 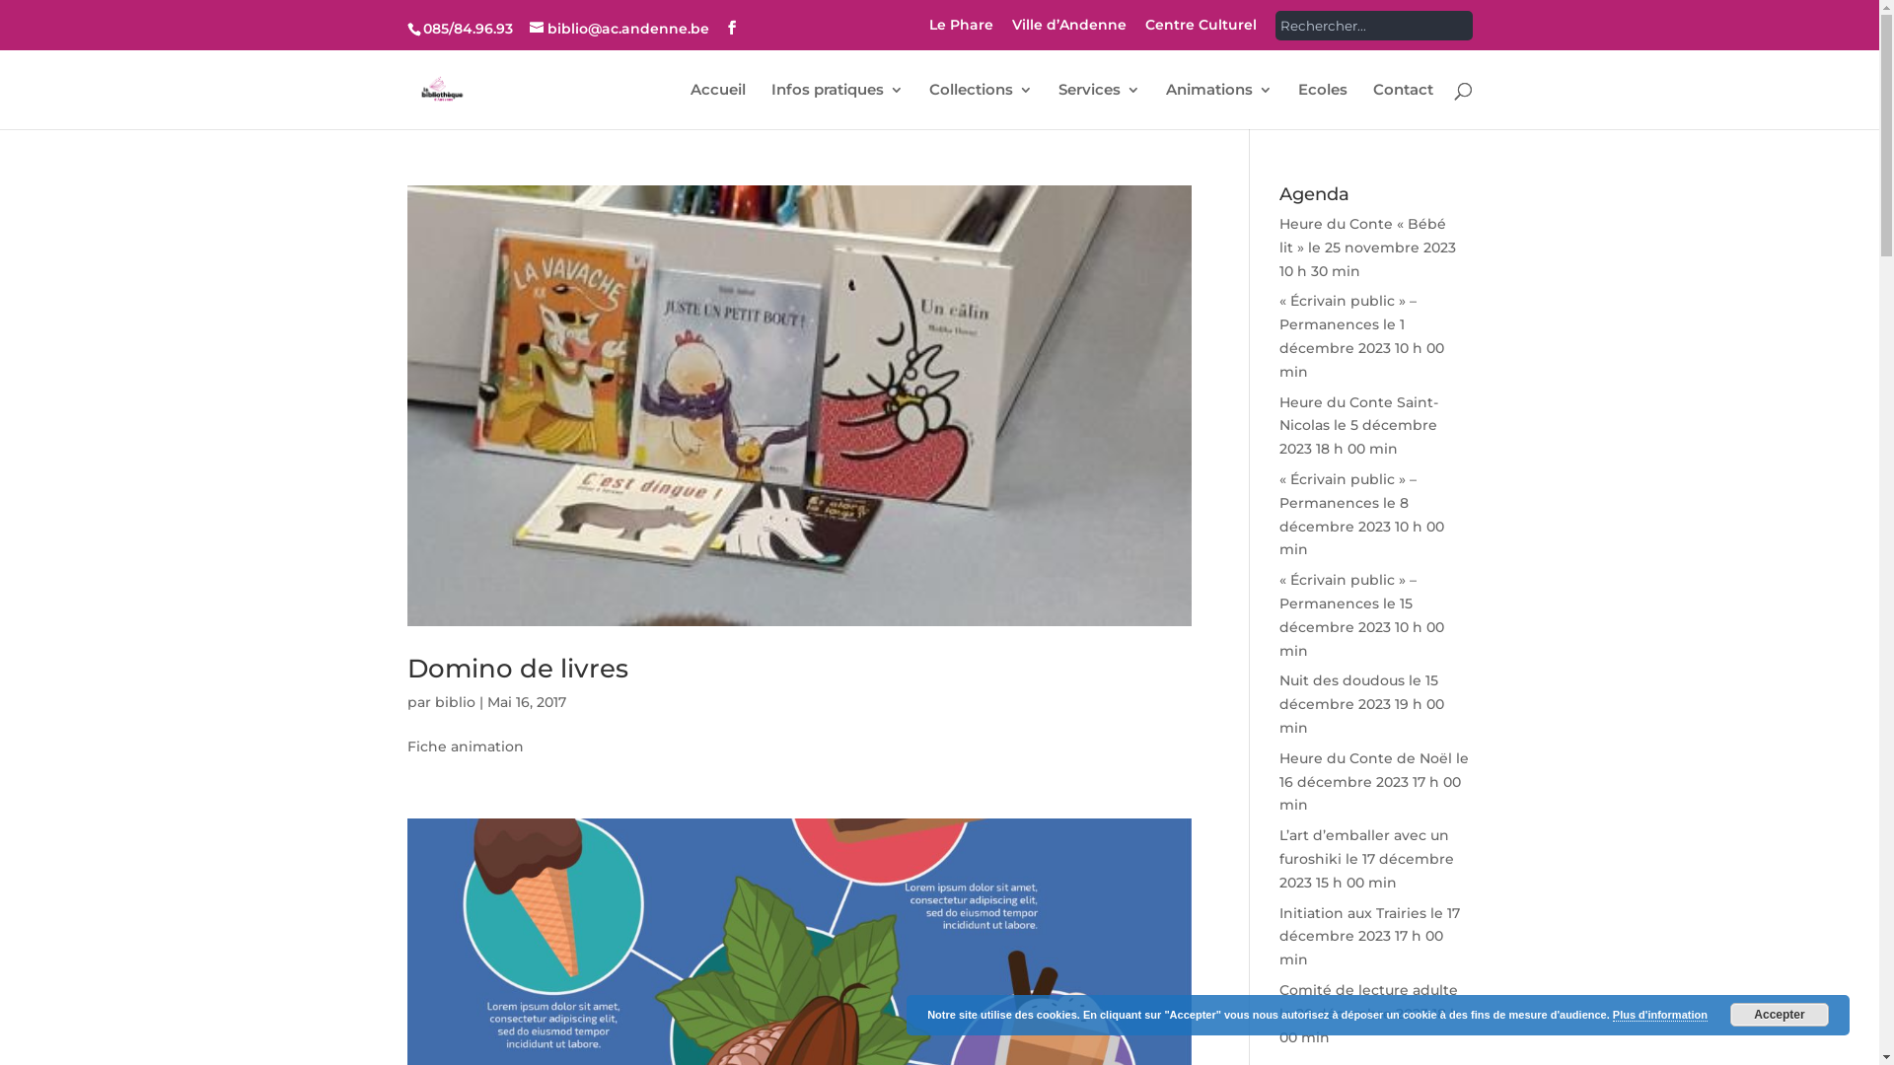 I want to click on 'Contact', so click(x=1402, y=106).